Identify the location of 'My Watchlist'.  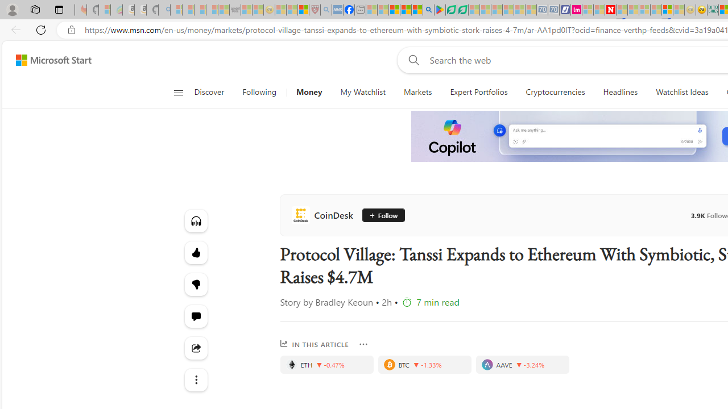
(362, 92).